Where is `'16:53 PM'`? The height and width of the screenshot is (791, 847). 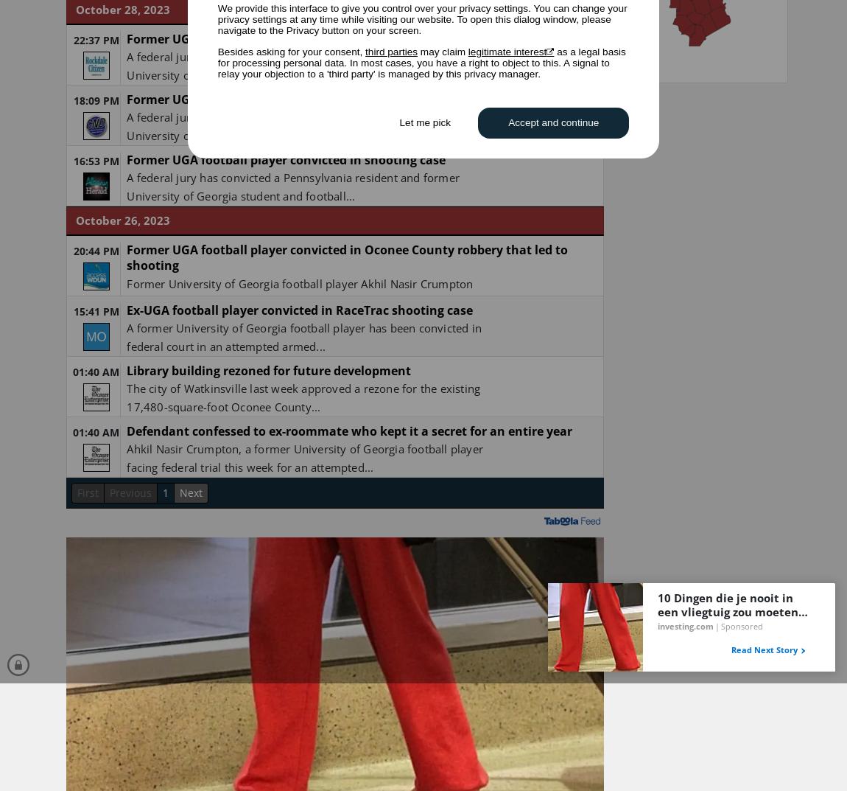
'16:53 PM' is located at coordinates (94, 160).